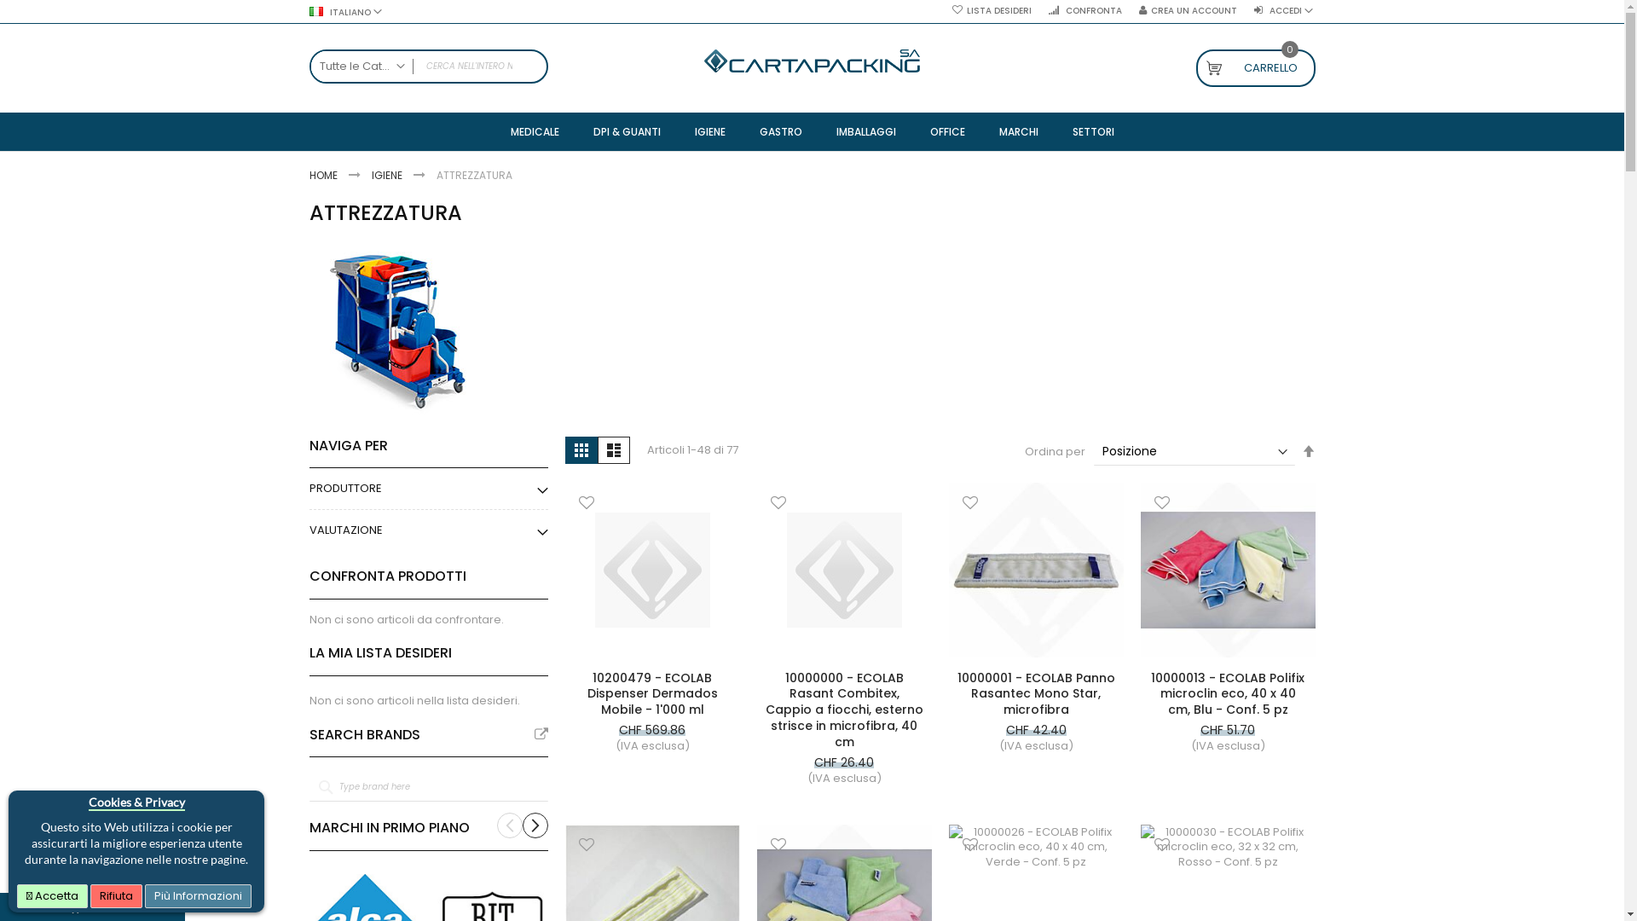 The height and width of the screenshot is (921, 1637). Describe the element at coordinates (779, 130) in the screenshot. I see `'GASTRO'` at that location.